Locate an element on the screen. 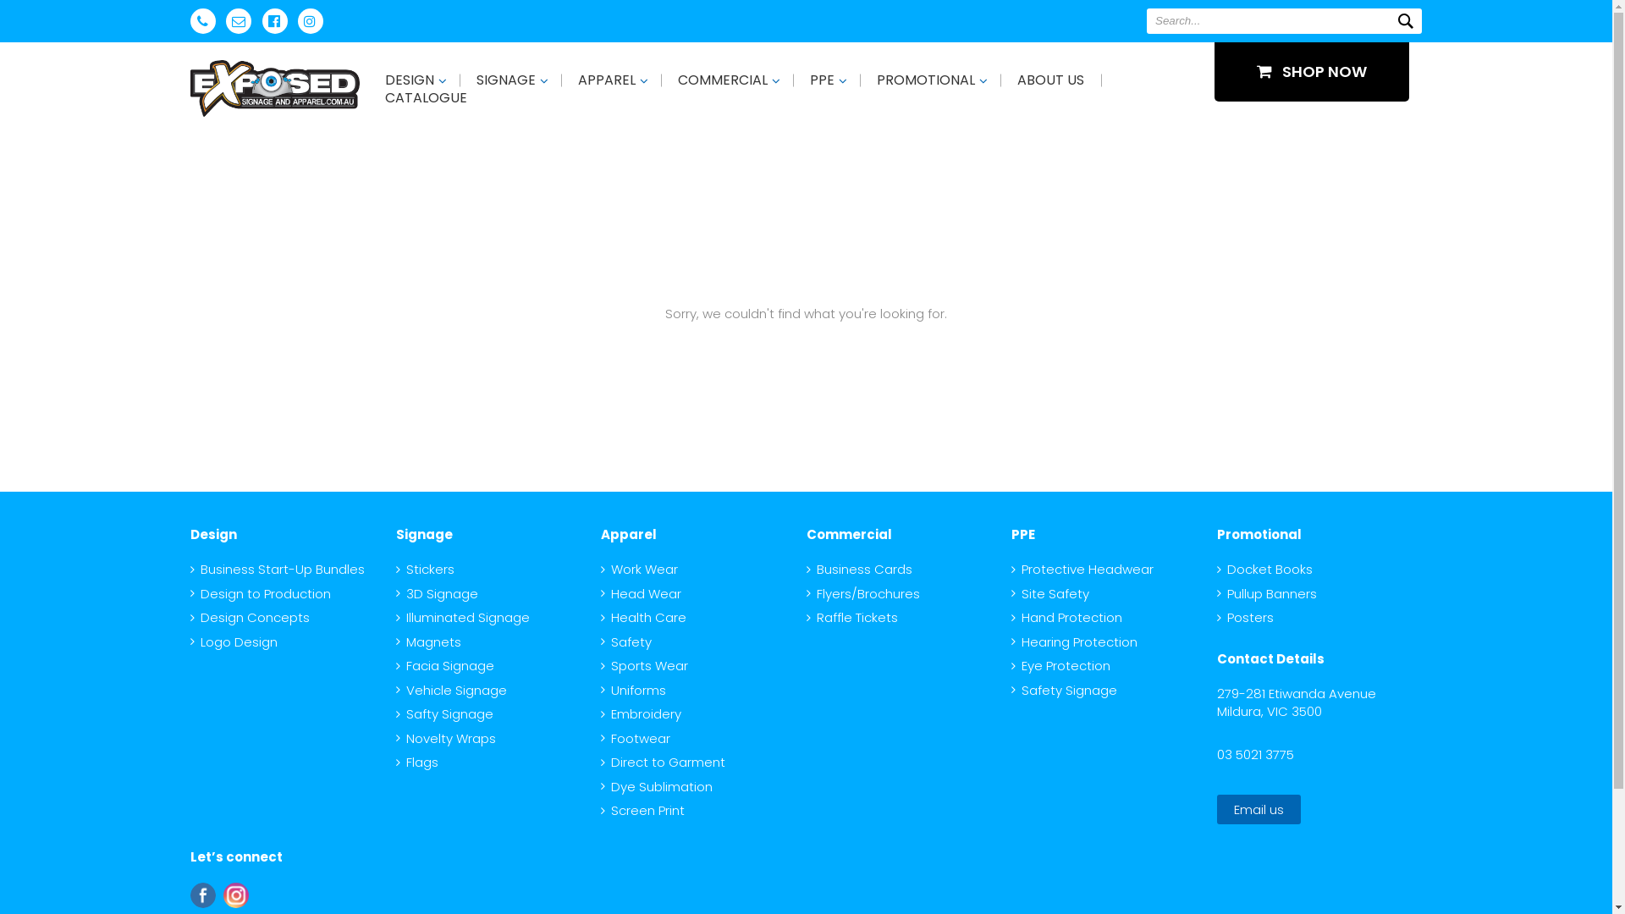  'Hearing Protection' is located at coordinates (1073, 641).